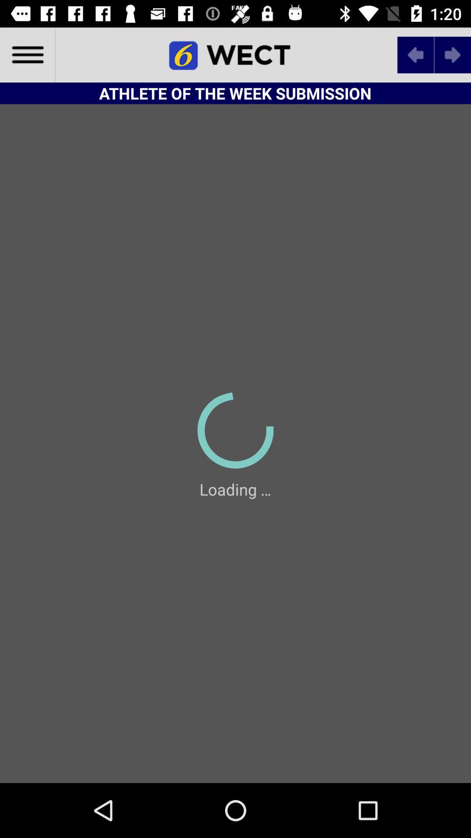 The height and width of the screenshot is (838, 471). Describe the element at coordinates (452, 54) in the screenshot. I see `next symbol` at that location.